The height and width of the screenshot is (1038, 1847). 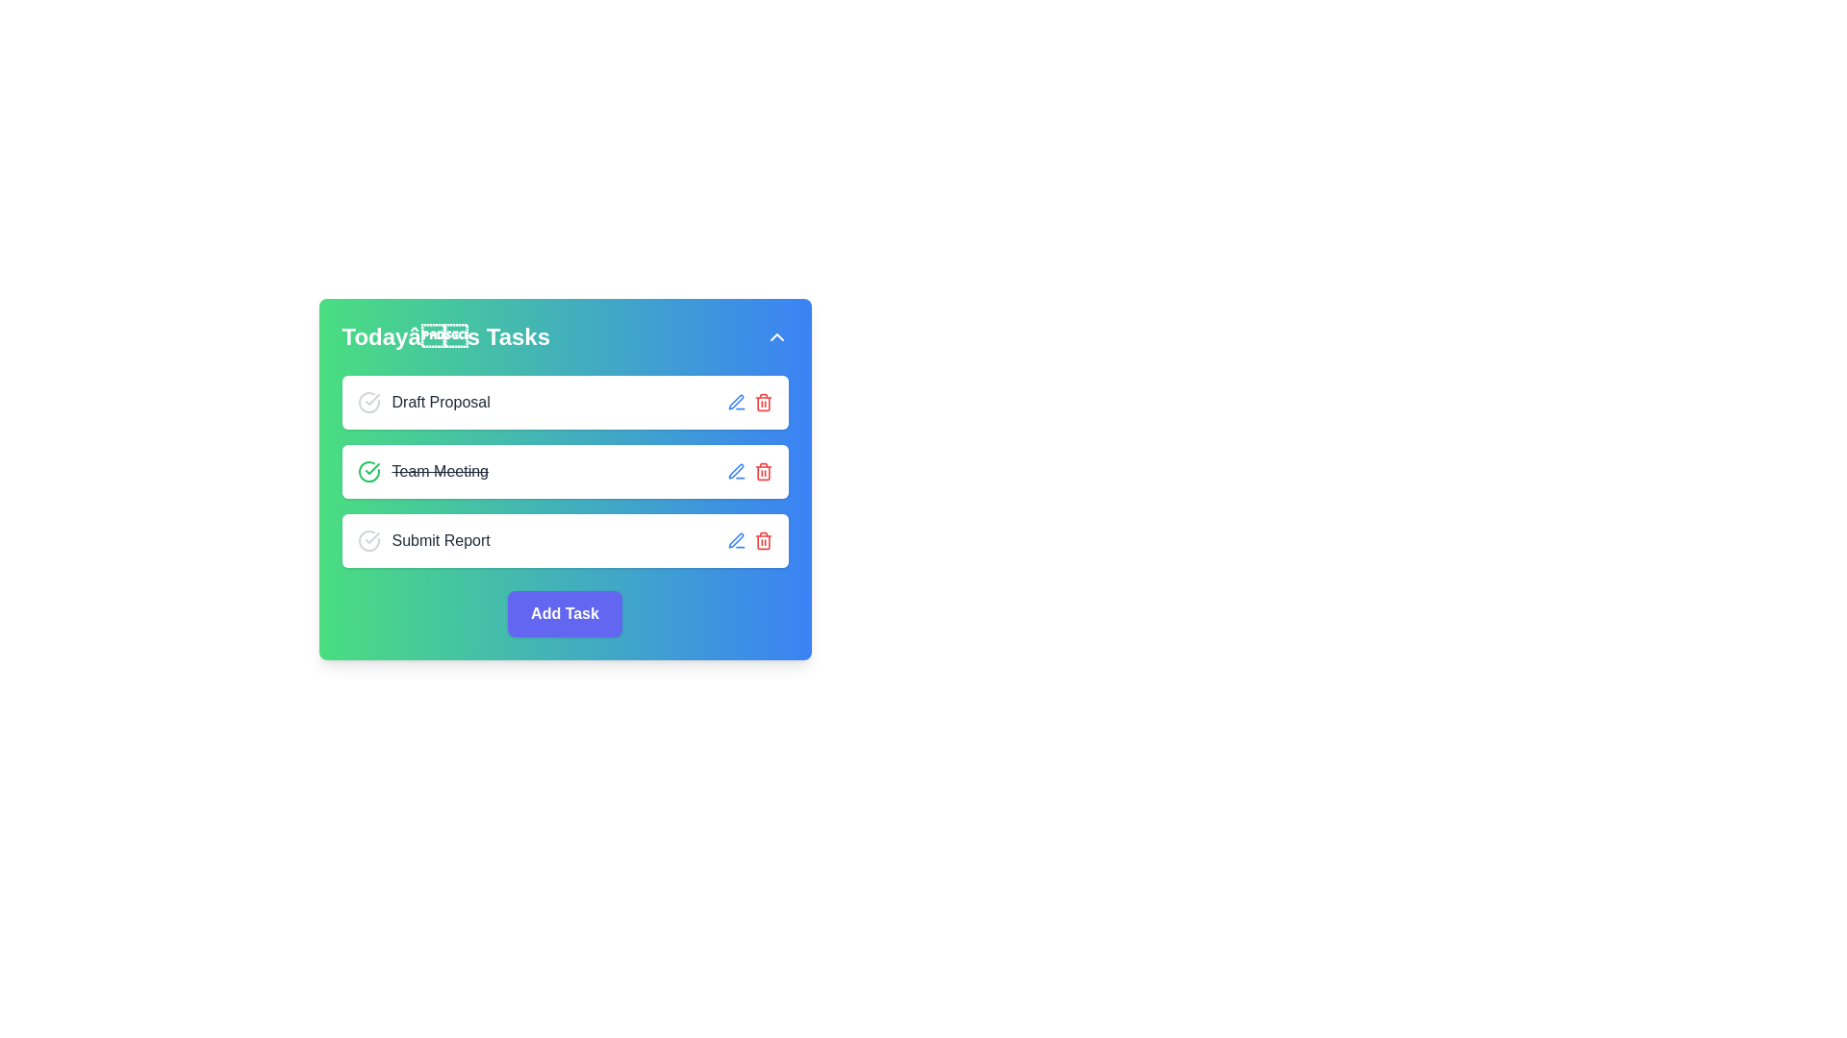 What do you see at coordinates (762, 402) in the screenshot?
I see `the red trashcan icon button` at bounding box center [762, 402].